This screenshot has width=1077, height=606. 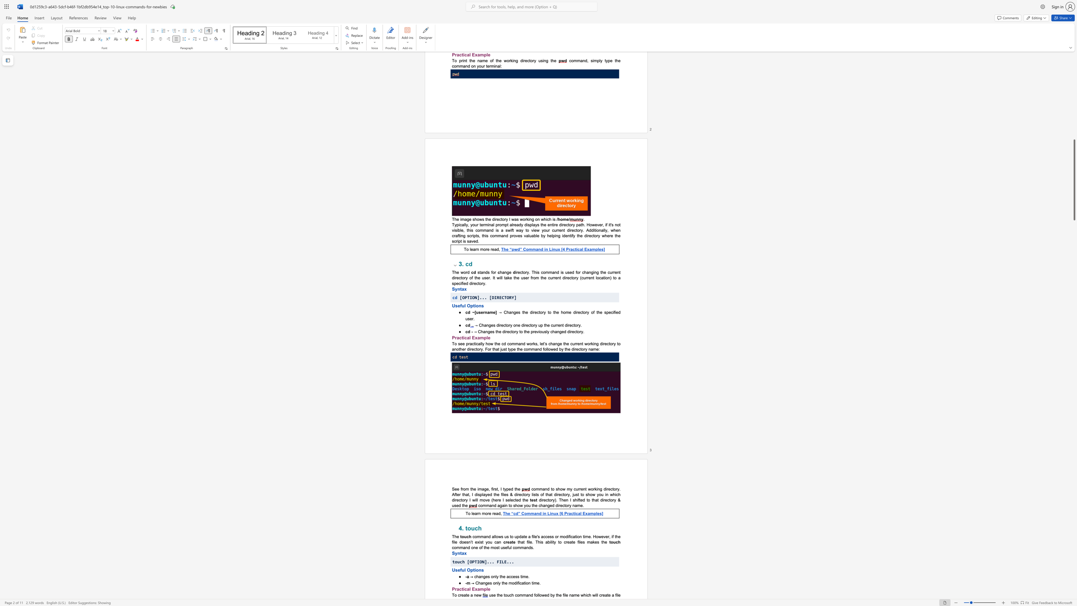 I want to click on the 3th character "n" in the text, so click(x=595, y=343).